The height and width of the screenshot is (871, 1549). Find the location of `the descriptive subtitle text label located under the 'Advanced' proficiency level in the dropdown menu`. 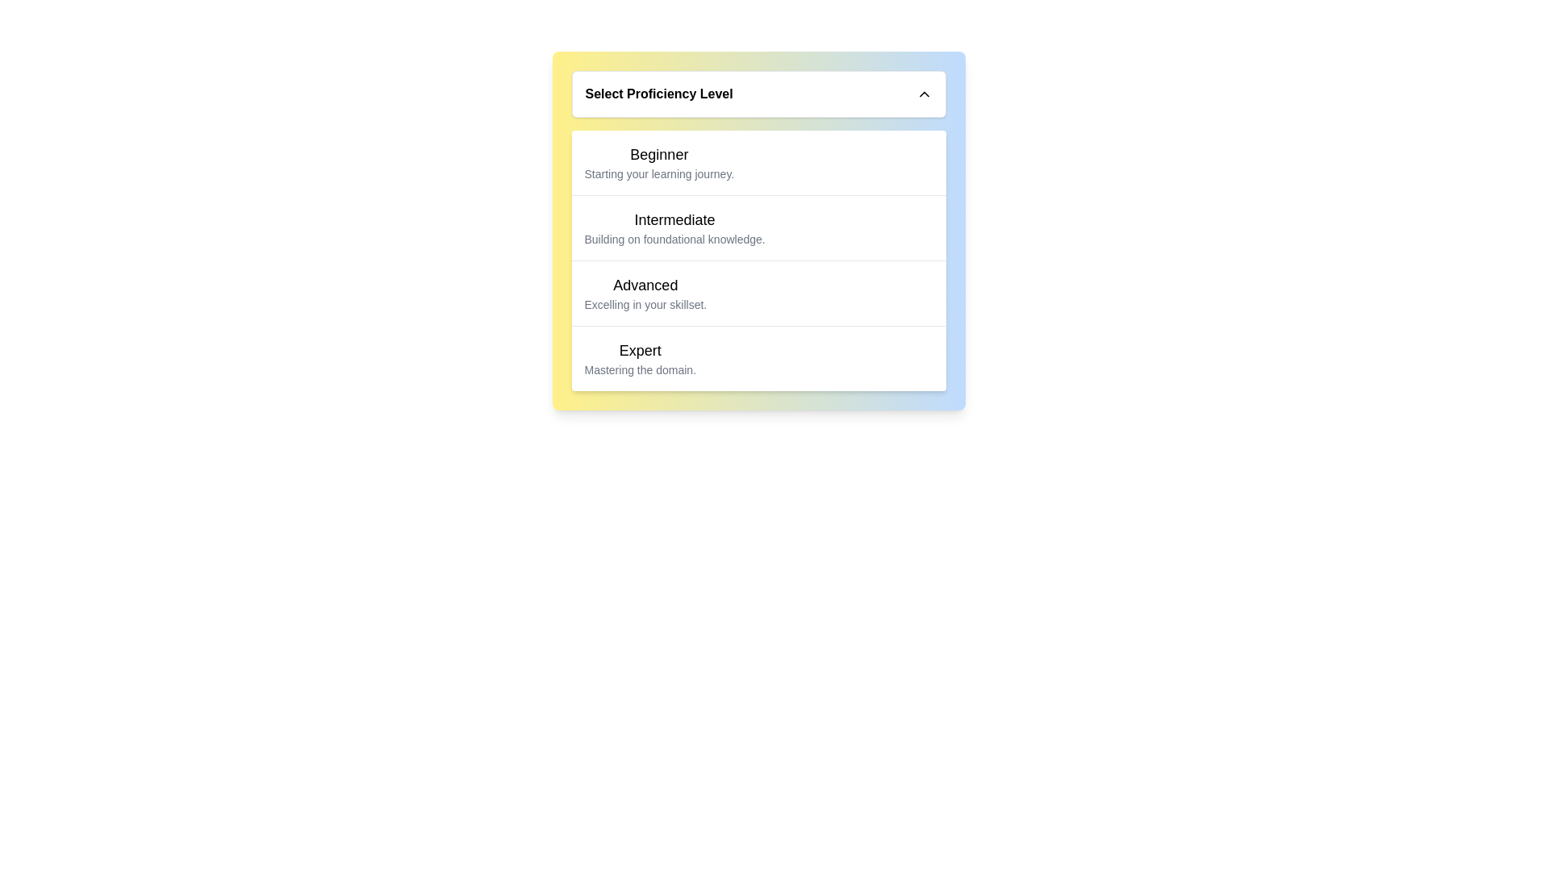

the descriptive subtitle text label located under the 'Advanced' proficiency level in the dropdown menu is located at coordinates (645, 305).